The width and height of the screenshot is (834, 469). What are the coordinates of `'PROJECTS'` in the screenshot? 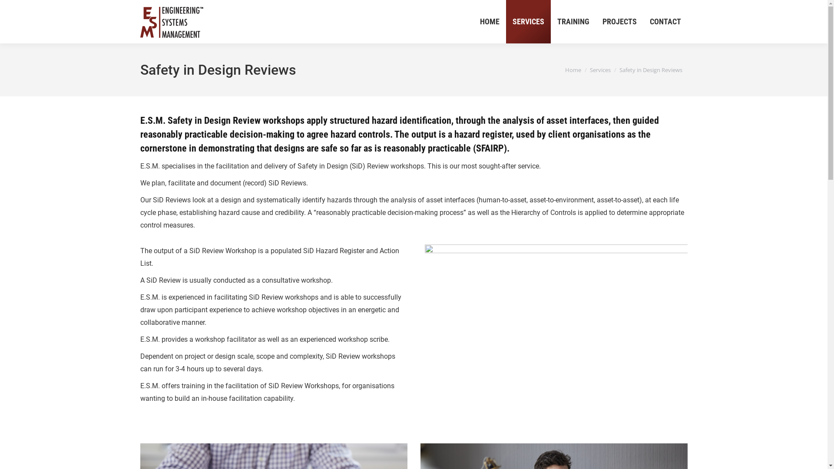 It's located at (619, 21).